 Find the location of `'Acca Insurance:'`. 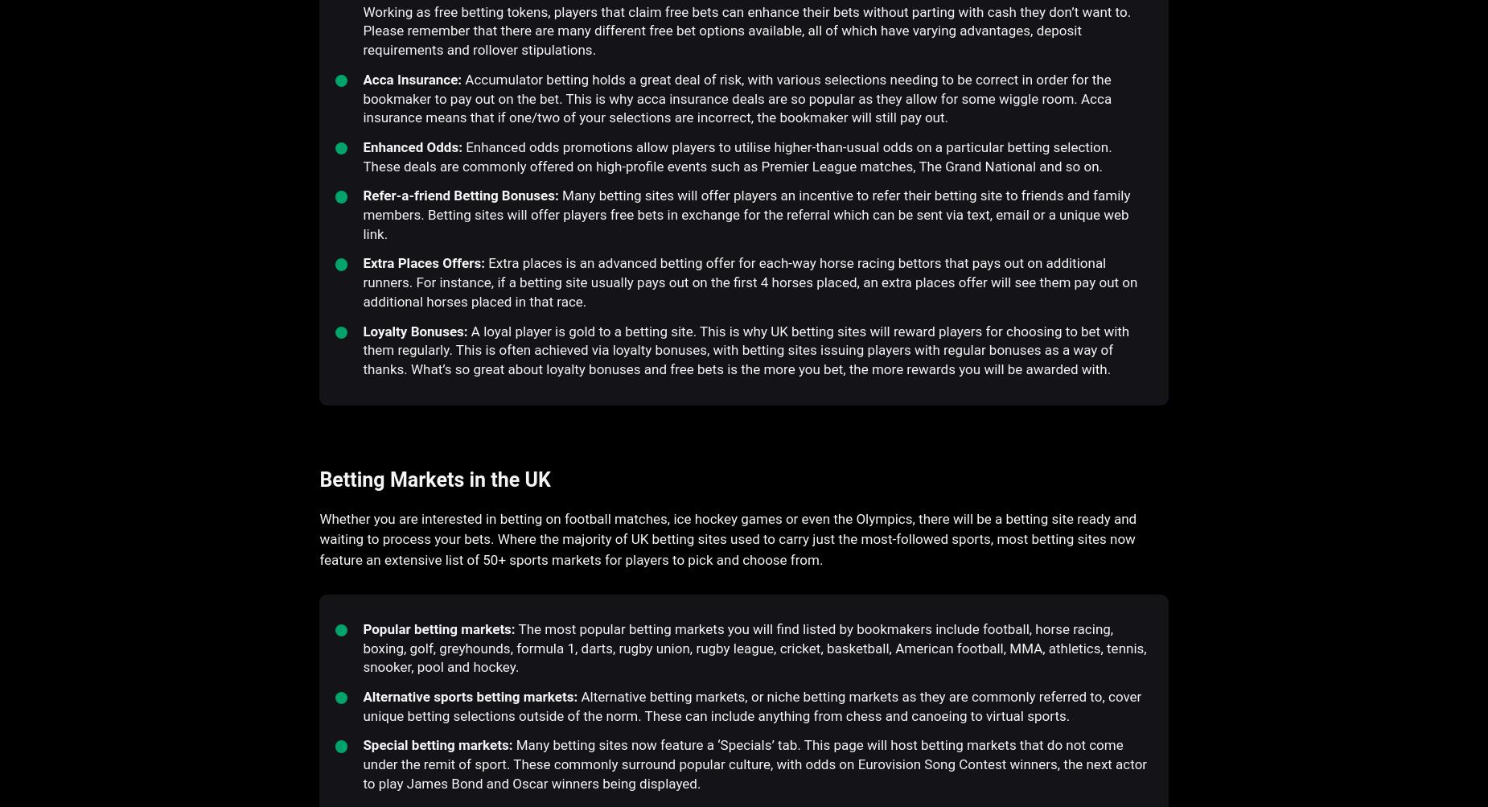

'Acca Insurance:' is located at coordinates (362, 78).